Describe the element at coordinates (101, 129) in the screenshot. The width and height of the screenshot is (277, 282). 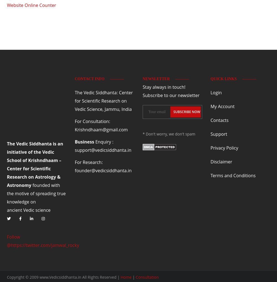
I see `'Krishndhaam@gmail.com'` at that location.